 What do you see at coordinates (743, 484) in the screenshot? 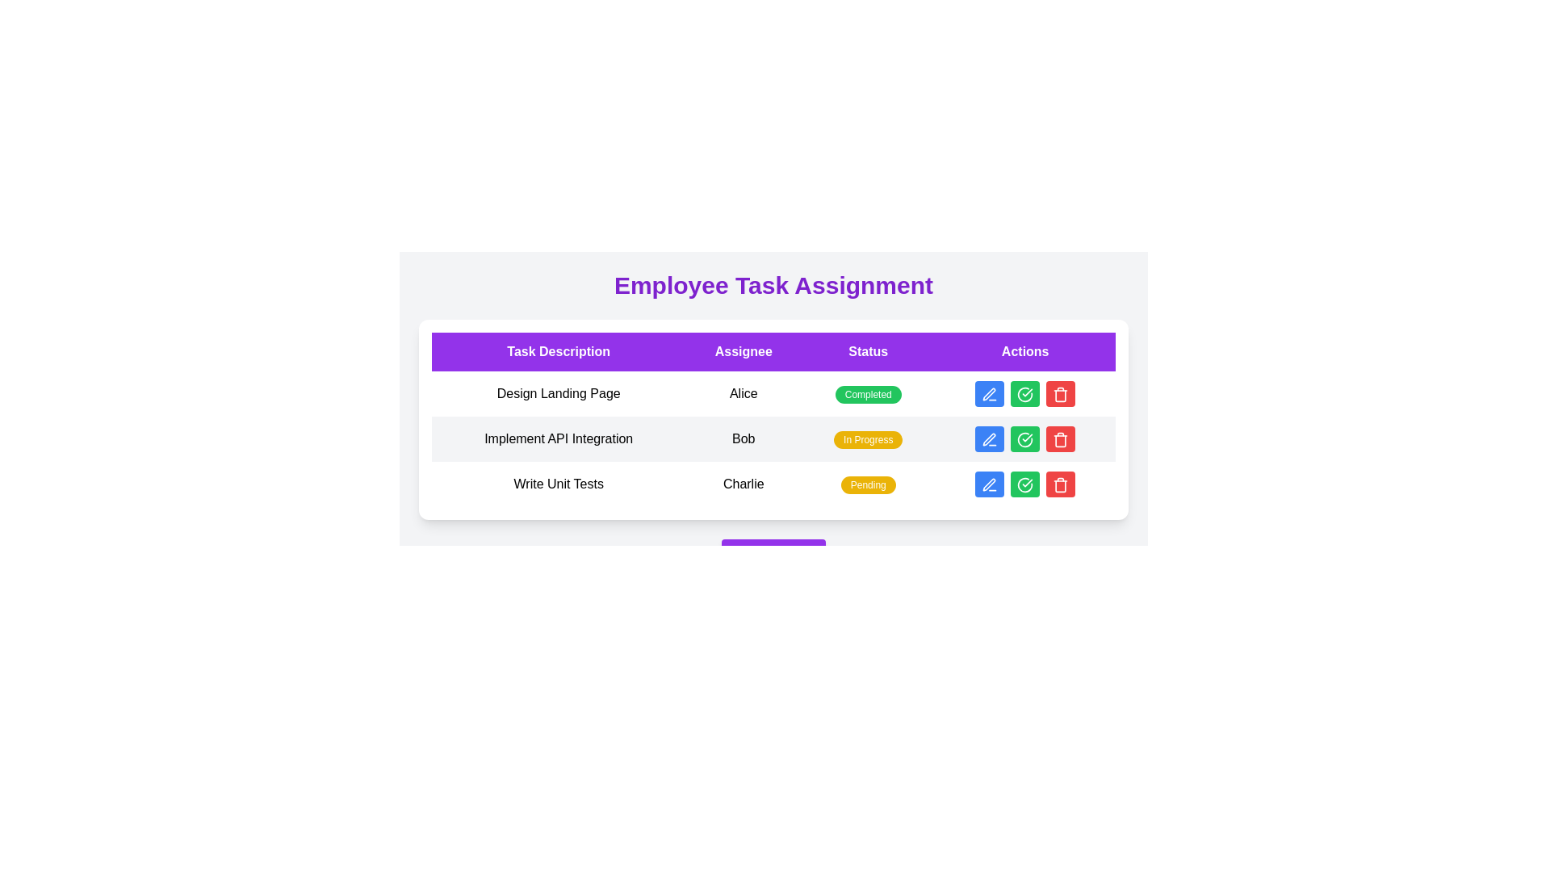
I see `the text of the assignee label 'Charlie' located in the second column of the third row of the 'Employee Task Assignment' table, adjacent to 'Write Unit Tests' and 'Pending'` at bounding box center [743, 484].